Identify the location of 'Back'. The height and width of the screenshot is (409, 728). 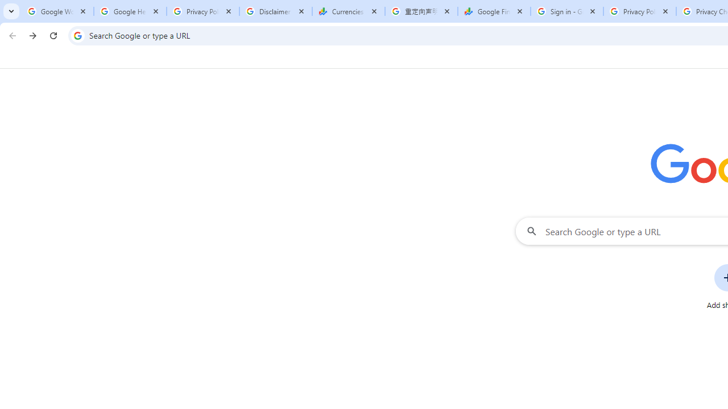
(11, 35).